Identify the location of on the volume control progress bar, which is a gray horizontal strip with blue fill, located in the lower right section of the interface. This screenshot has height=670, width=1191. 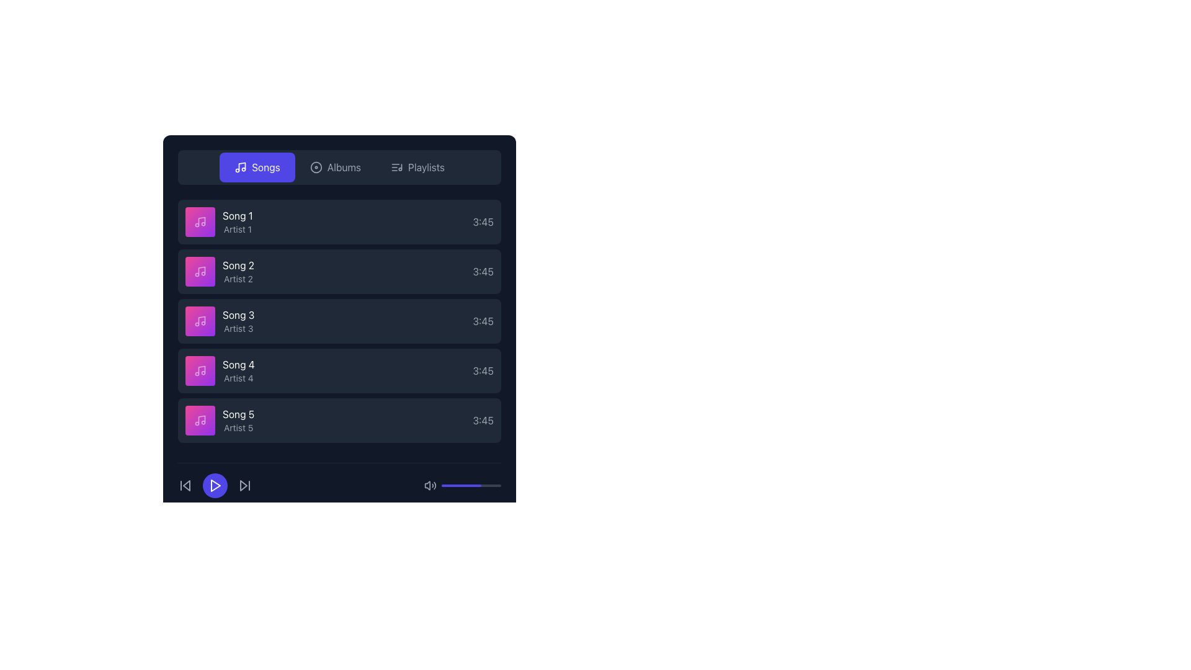
(470, 485).